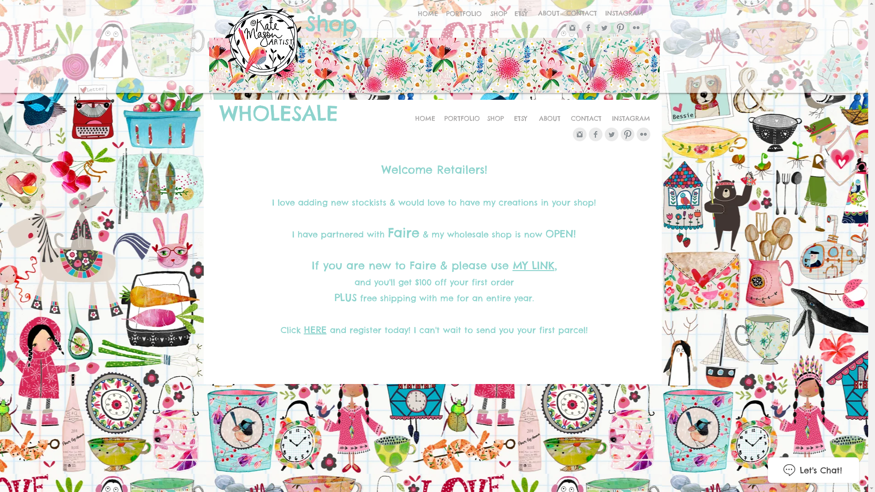 The image size is (875, 492). I want to click on 'HERE', so click(315, 329).